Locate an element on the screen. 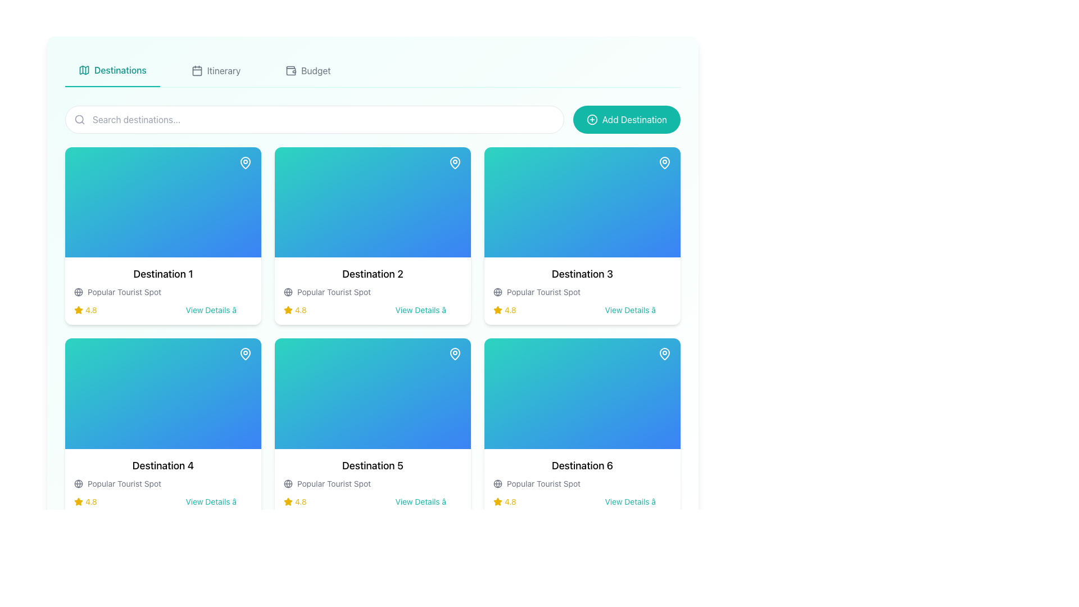 The image size is (1079, 607). the static text label indicating the destination, which is located in the lower section of the box for 'Destination 4', to the left of the star rating and beneath the main title is located at coordinates (124, 483).